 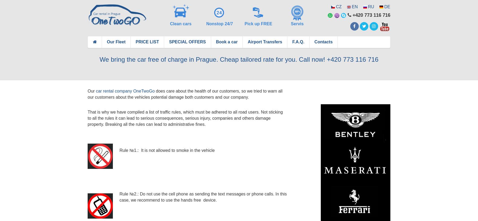 What do you see at coordinates (92, 91) in the screenshot?
I see `'Our'` at bounding box center [92, 91].